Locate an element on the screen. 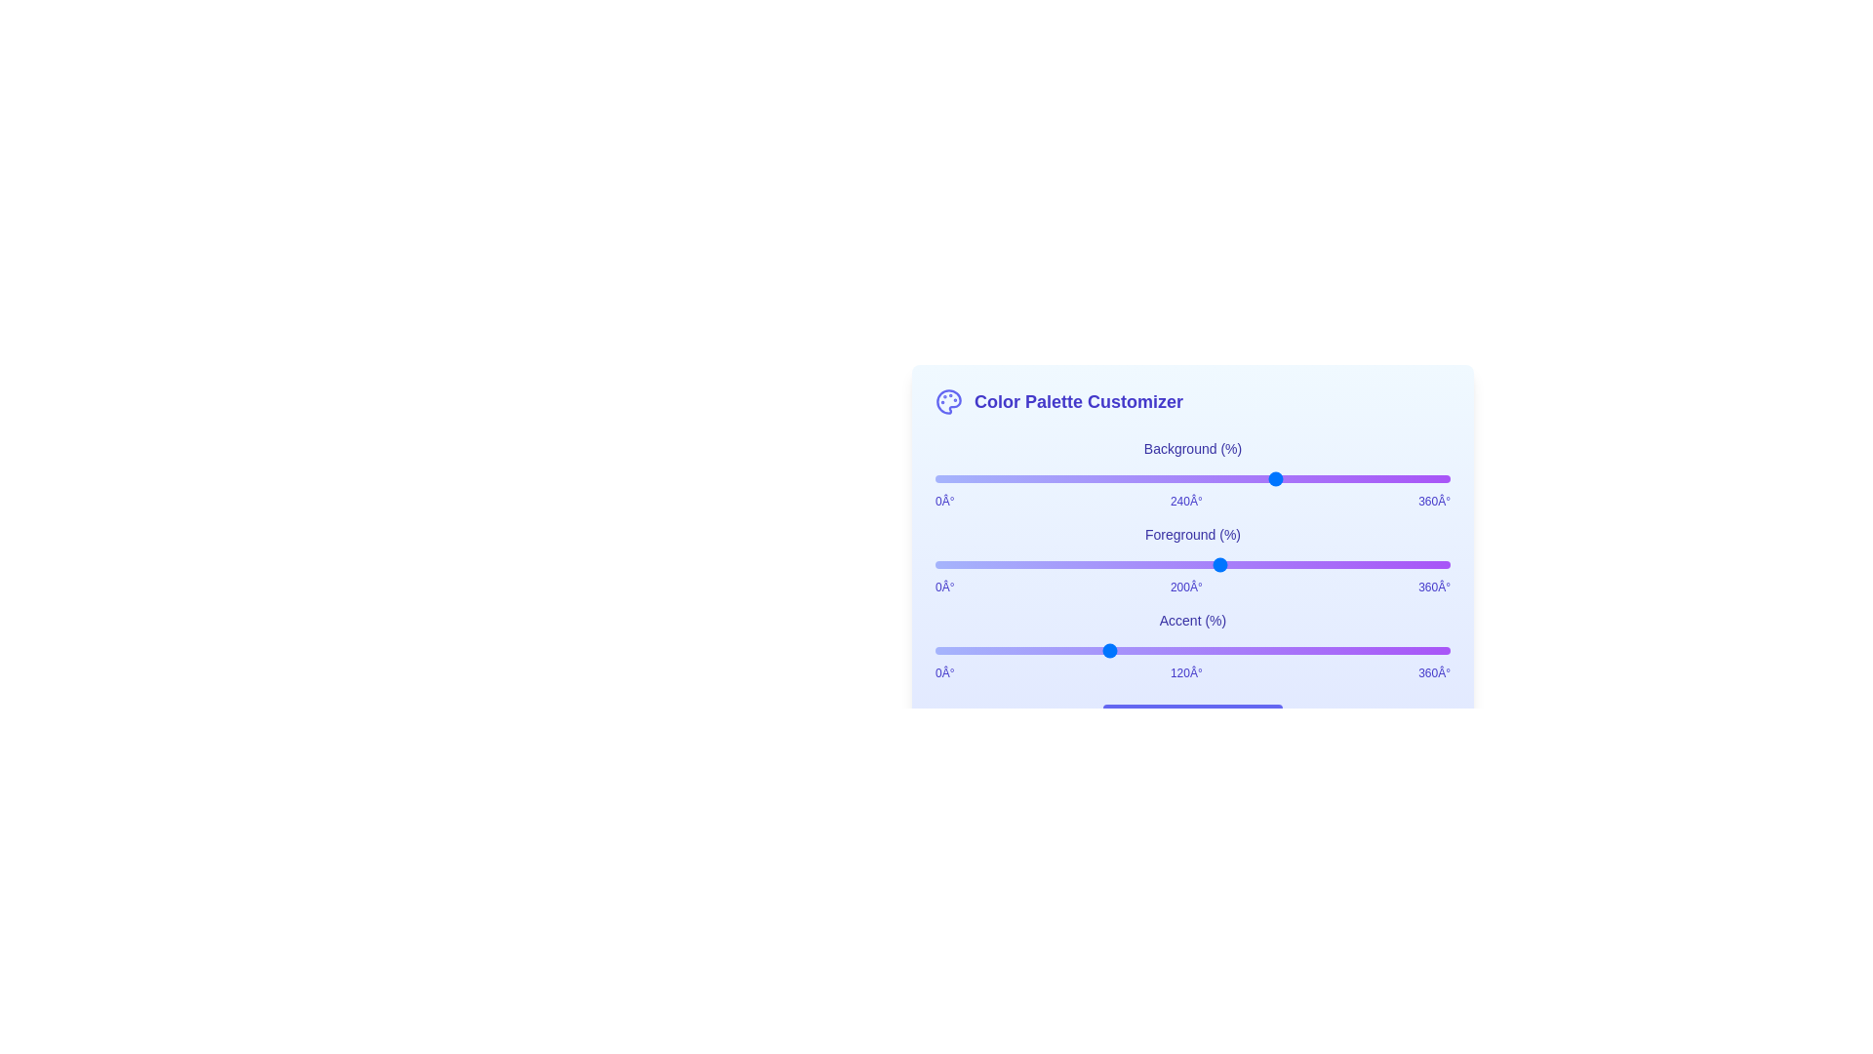  the background color slider to set the hue to 79 degrees is located at coordinates (1047, 478).